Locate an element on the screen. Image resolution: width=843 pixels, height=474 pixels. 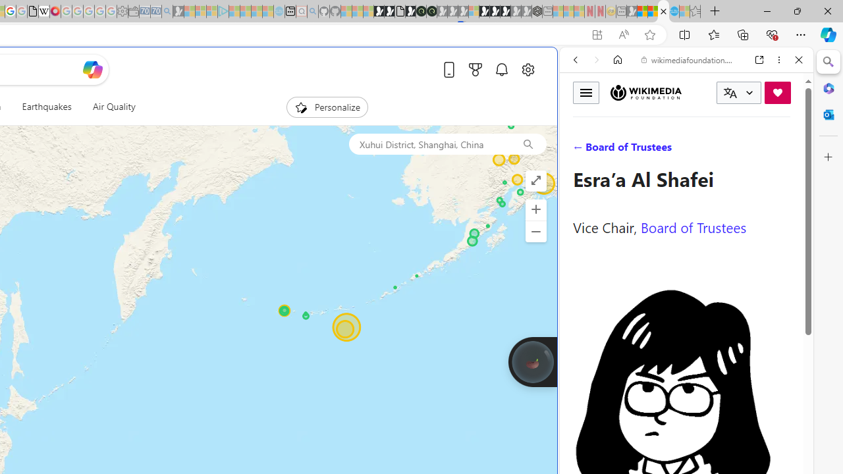
'github - Search - Sleeping' is located at coordinates (312, 11).